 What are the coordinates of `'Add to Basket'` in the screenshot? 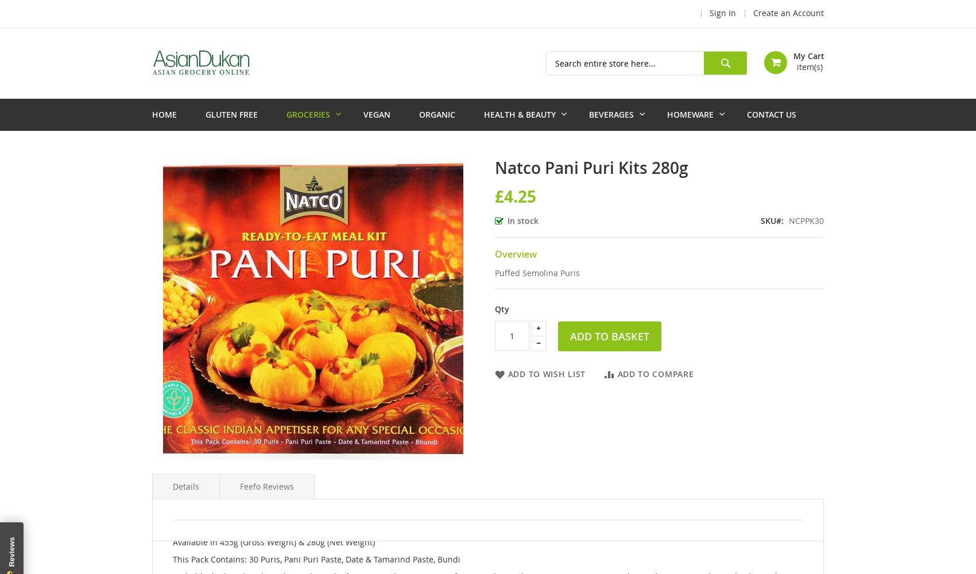 It's located at (568, 336).